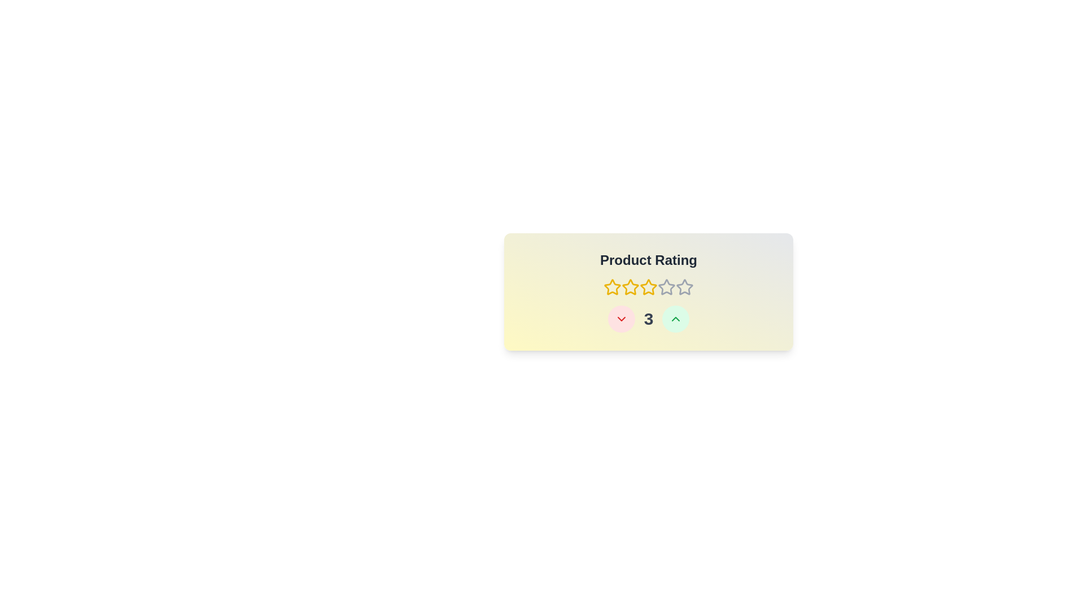 Image resolution: width=1084 pixels, height=610 pixels. What do you see at coordinates (648, 319) in the screenshot?
I see `the text display element showing the number '3', which is styled in large, bold, dark gray font and is positioned between a red downward-facing arrow button and a green upward-facing arrow button in the rating interface` at bounding box center [648, 319].